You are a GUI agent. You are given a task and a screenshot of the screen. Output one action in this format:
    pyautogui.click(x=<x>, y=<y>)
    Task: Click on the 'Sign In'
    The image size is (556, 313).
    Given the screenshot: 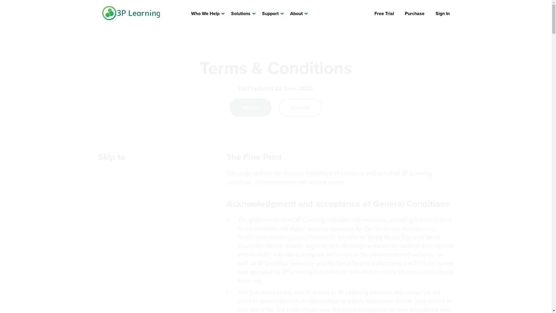 What is the action you would take?
    pyautogui.click(x=435, y=13)
    